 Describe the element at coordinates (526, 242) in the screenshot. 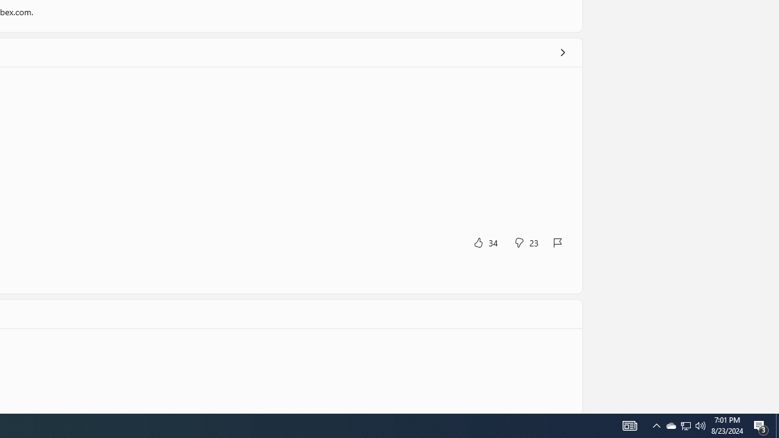

I see `'No, this was not helpful. 23 votes.'` at that location.